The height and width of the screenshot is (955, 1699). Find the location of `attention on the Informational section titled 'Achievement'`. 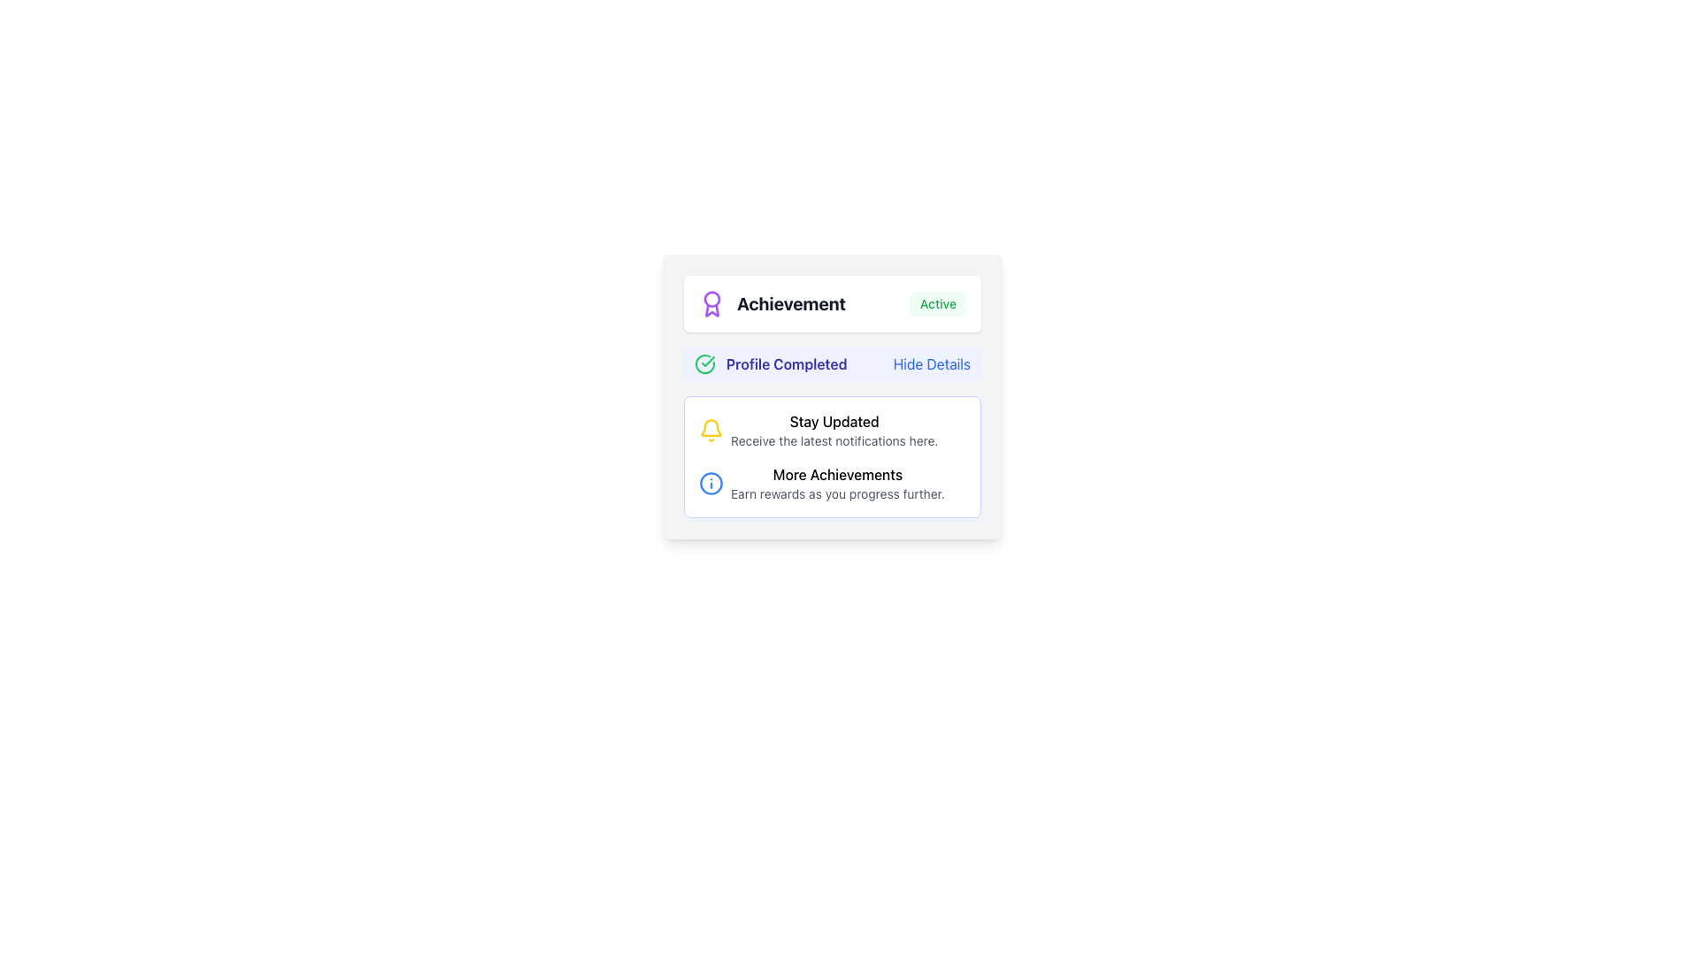

attention on the Informational section titled 'Achievement' is located at coordinates (831, 455).